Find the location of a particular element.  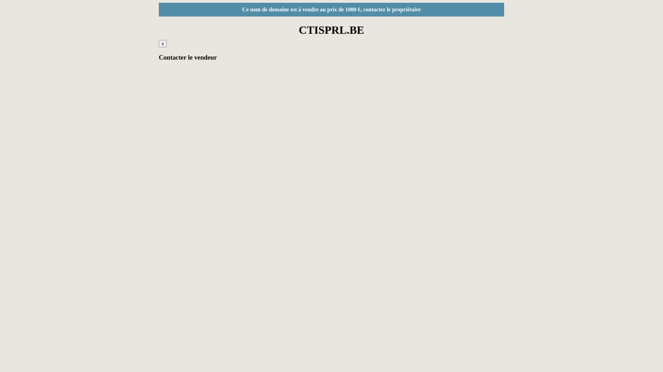

'x' is located at coordinates (162, 43).